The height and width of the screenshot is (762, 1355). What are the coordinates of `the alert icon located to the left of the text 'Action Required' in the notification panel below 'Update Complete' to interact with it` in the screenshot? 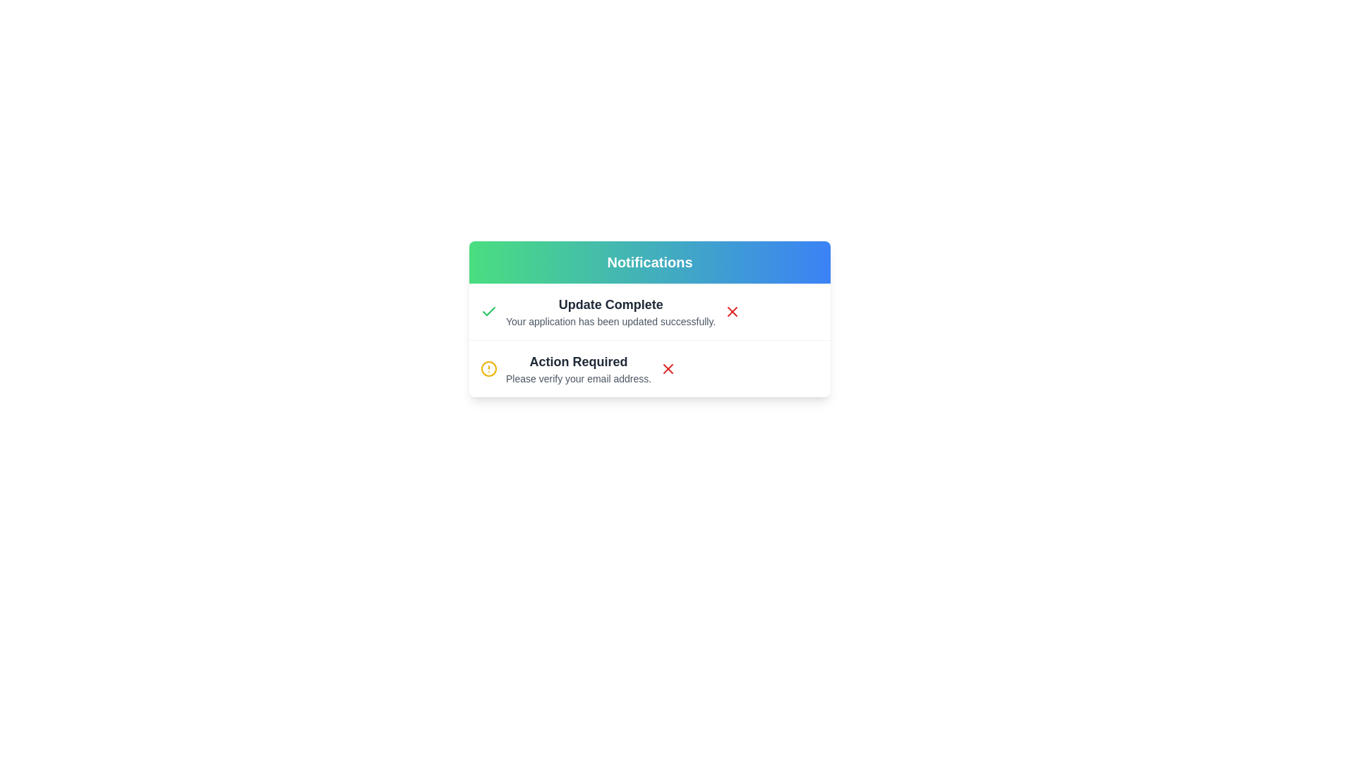 It's located at (488, 368).